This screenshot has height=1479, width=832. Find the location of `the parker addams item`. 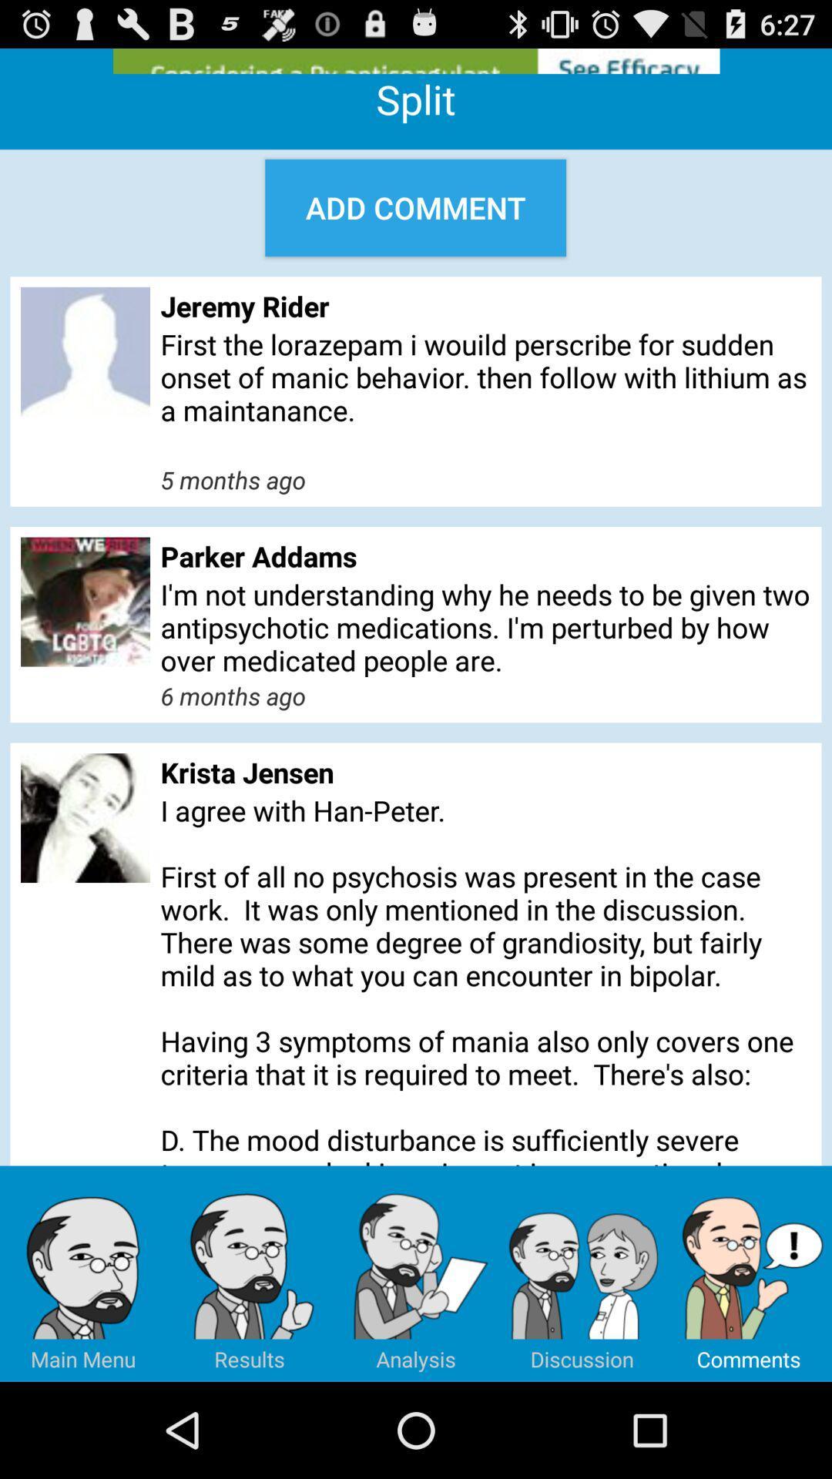

the parker addams item is located at coordinates (485, 555).